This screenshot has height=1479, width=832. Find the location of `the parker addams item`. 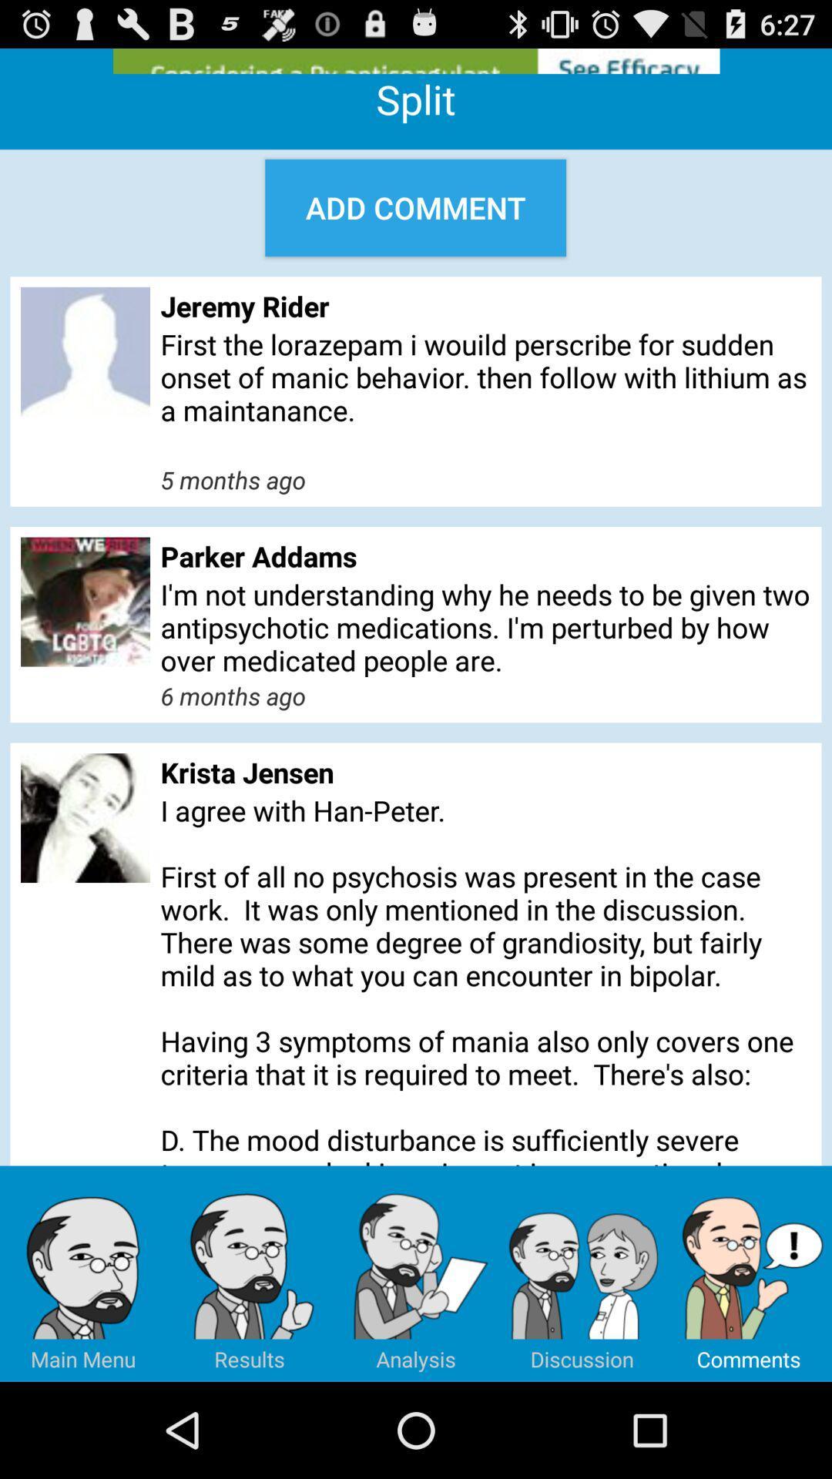

the parker addams item is located at coordinates (485, 555).